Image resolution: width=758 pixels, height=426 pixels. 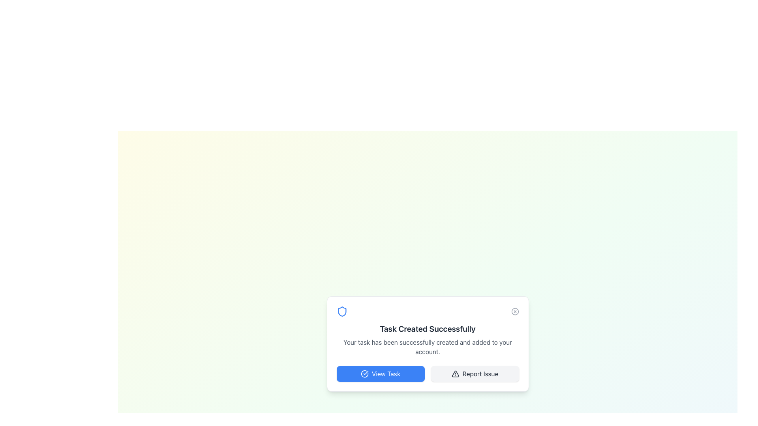 What do you see at coordinates (427, 339) in the screenshot?
I see `the Notification text block that informs the user about the successful creation of a task` at bounding box center [427, 339].